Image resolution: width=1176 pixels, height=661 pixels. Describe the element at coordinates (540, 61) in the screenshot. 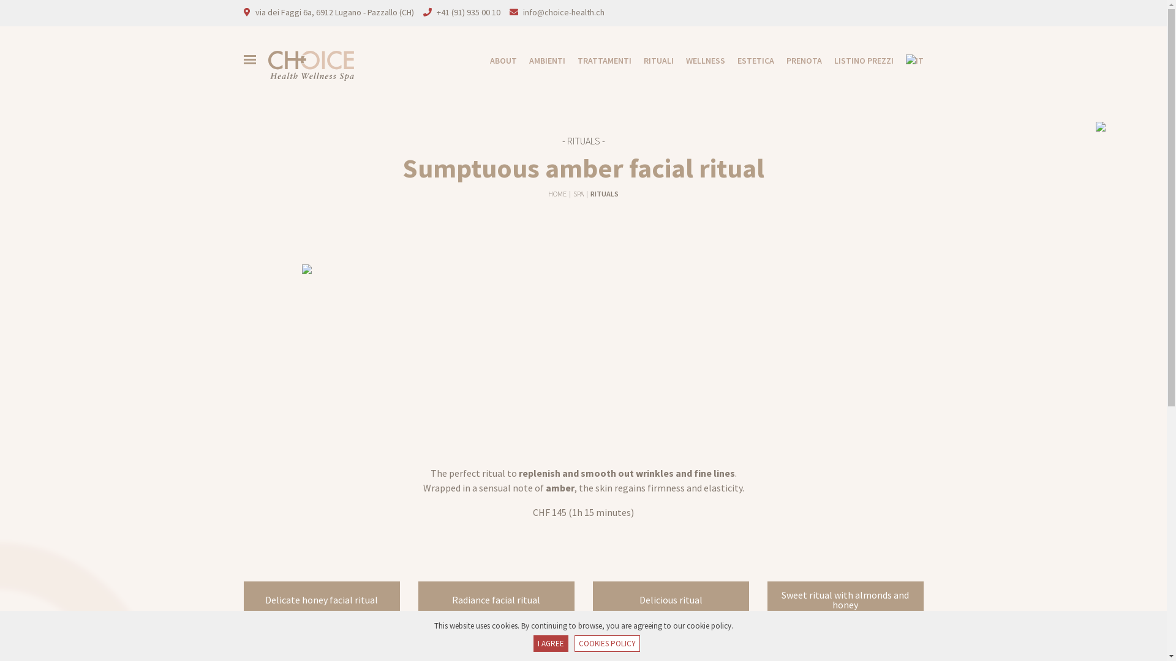

I see `'AMBIENTI'` at that location.